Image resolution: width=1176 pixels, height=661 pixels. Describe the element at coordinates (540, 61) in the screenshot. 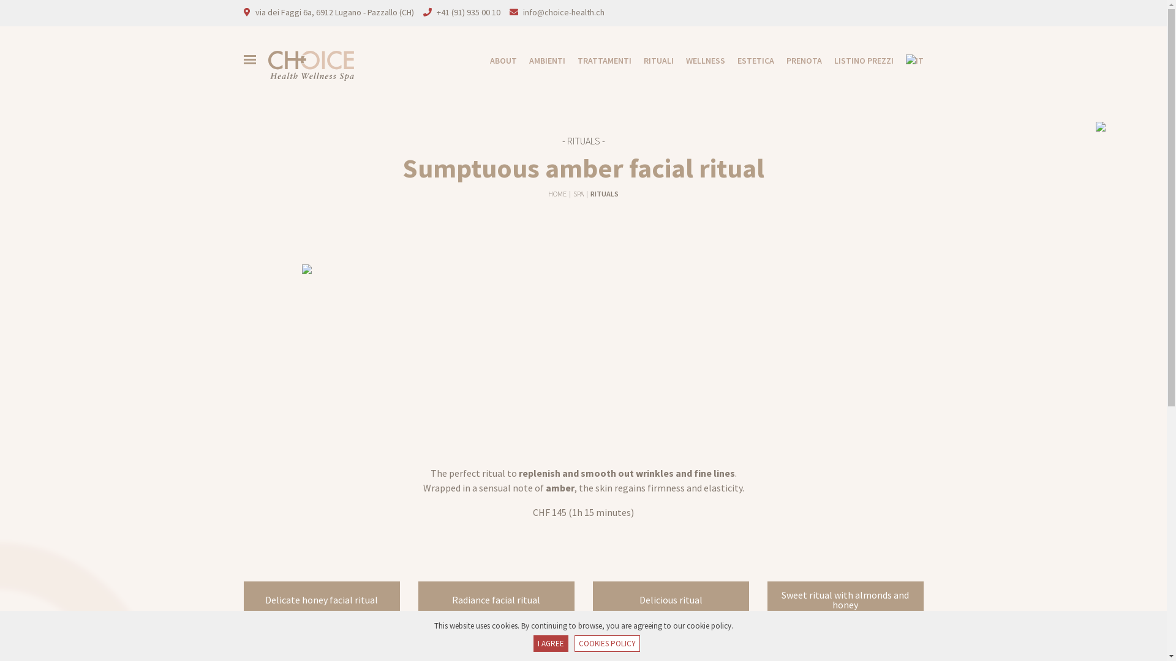

I see `'AMBIENTI'` at that location.